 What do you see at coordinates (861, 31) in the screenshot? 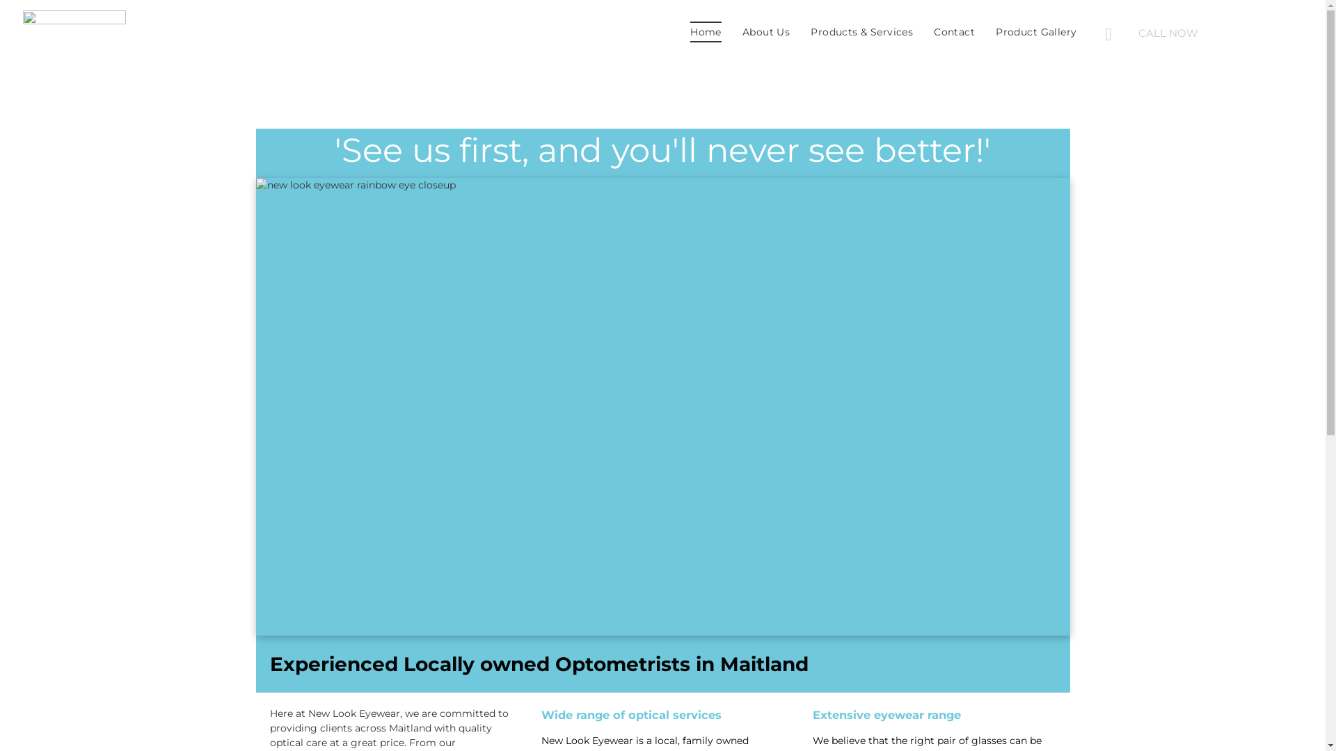
I see `'Products & Services'` at bounding box center [861, 31].